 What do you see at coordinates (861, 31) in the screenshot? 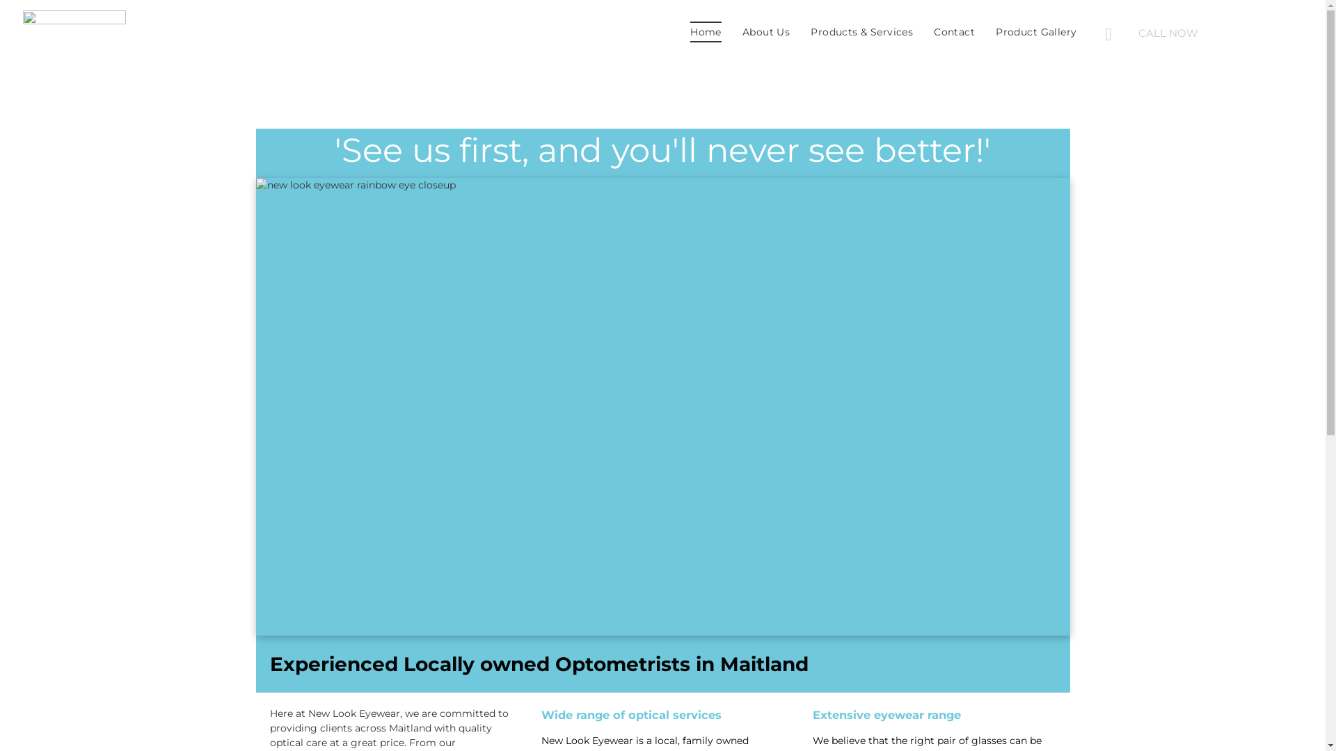
I see `'Products & Services'` at bounding box center [861, 31].